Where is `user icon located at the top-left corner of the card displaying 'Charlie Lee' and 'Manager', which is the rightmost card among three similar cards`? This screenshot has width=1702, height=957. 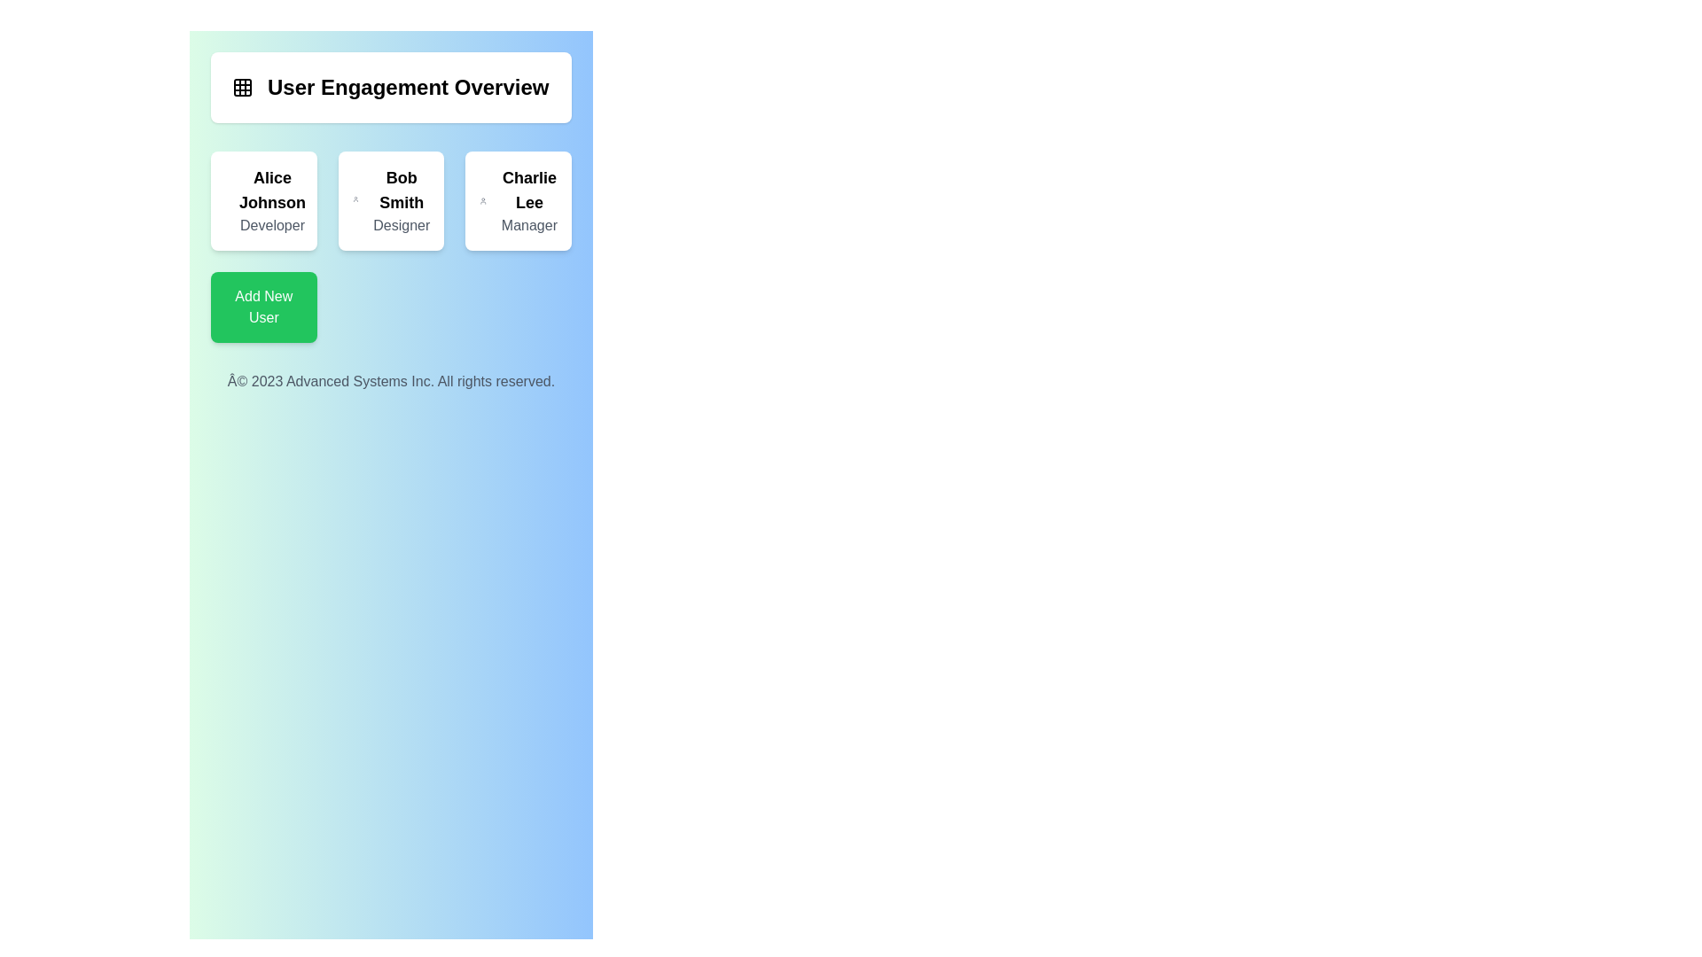 user icon located at the top-left corner of the card displaying 'Charlie Lee' and 'Manager', which is the rightmost card among three similar cards is located at coordinates (483, 200).